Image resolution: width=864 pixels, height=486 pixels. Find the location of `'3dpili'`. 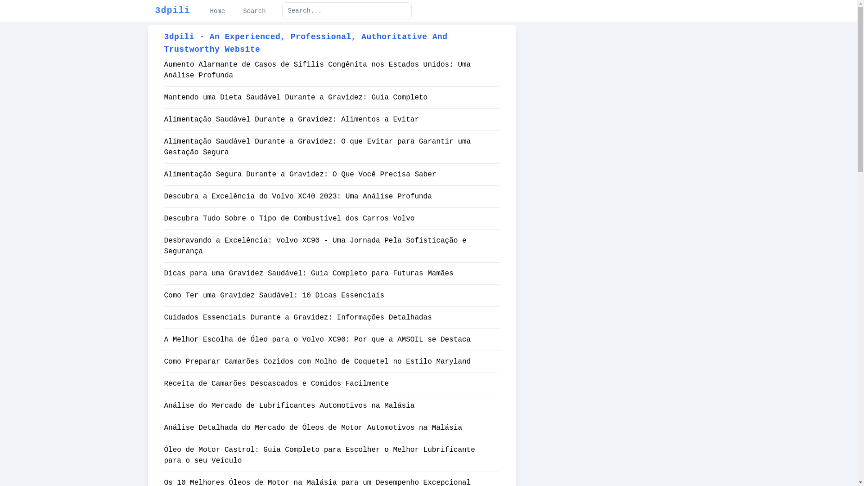

'3dpili' is located at coordinates (155, 10).